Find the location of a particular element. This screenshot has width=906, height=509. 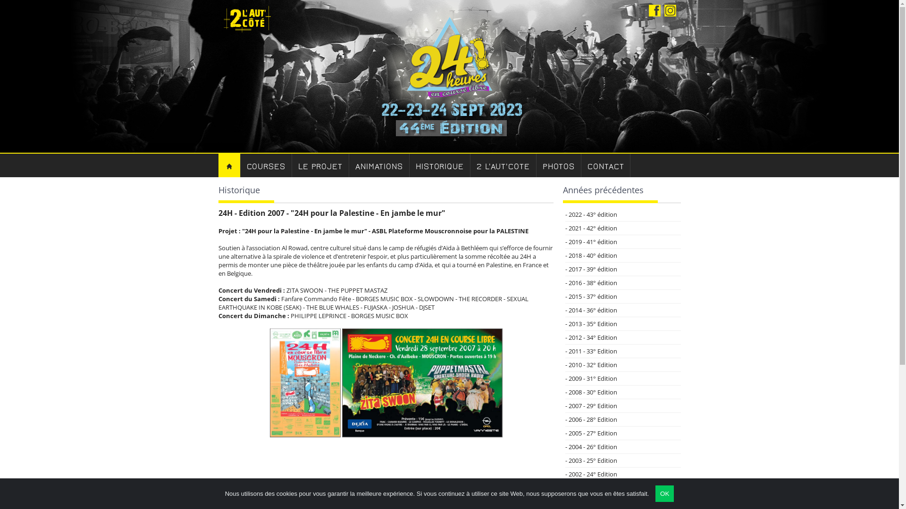

'LE PROJET' is located at coordinates (320, 165).